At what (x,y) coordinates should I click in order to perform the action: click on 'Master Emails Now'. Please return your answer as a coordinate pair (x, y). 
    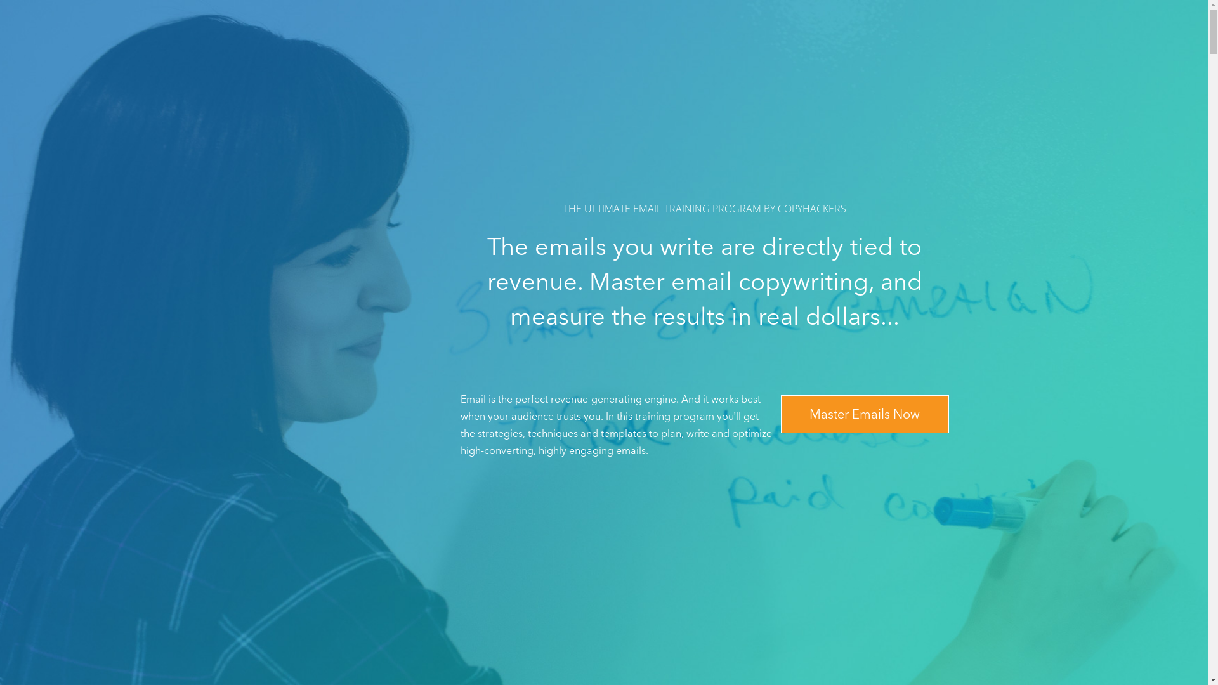
    Looking at the image, I should click on (863, 413).